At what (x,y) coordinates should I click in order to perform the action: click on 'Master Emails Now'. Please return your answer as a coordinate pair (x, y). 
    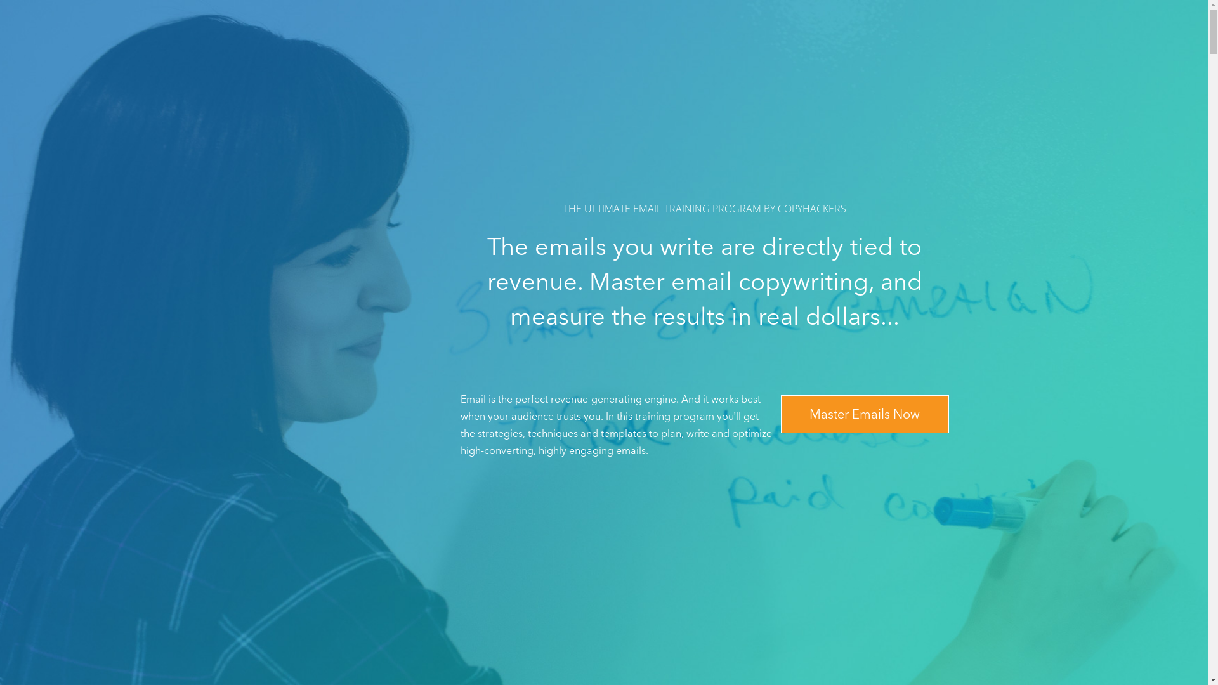
    Looking at the image, I should click on (863, 413).